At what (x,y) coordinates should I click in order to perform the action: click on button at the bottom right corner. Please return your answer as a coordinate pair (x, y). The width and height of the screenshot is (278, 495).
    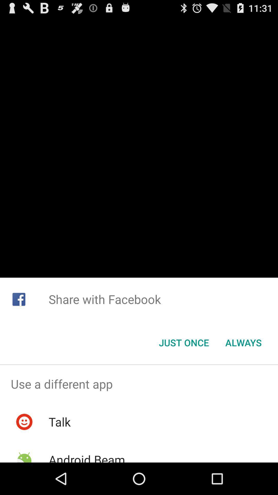
    Looking at the image, I should click on (243, 343).